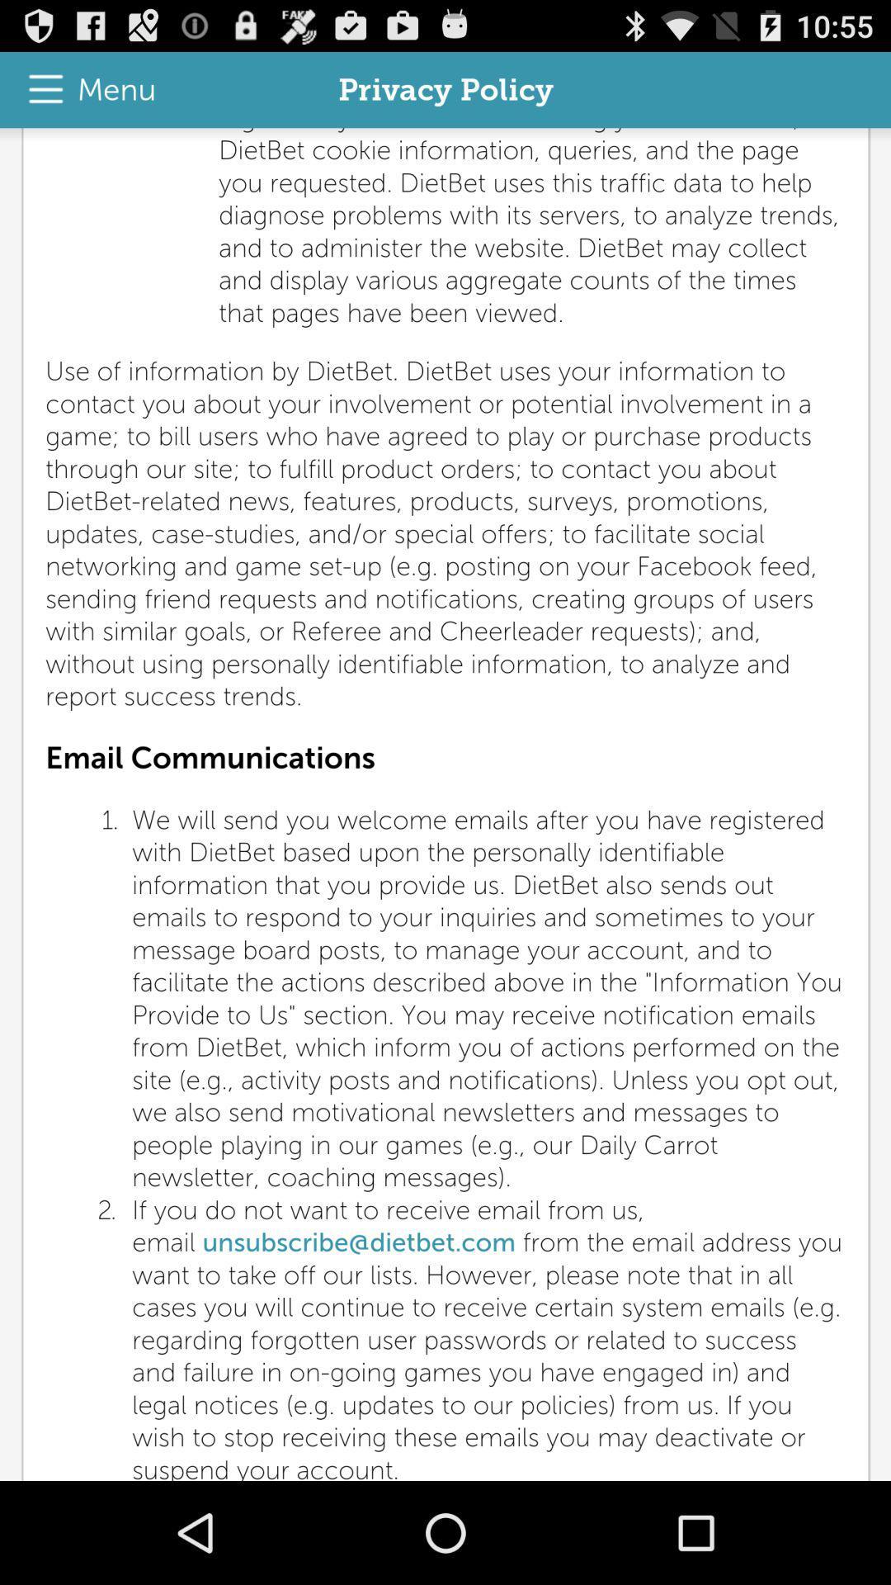 The width and height of the screenshot is (891, 1585). I want to click on read the tos, so click(445, 804).